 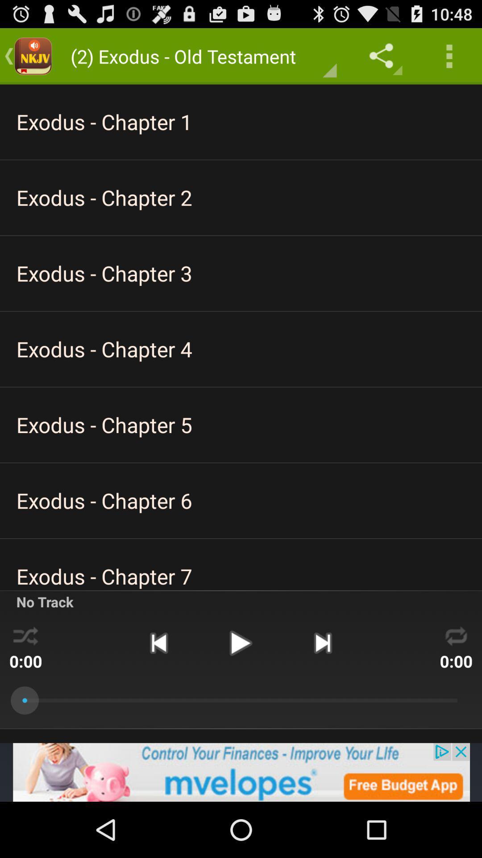 I want to click on the skip_next icon, so click(x=323, y=687).